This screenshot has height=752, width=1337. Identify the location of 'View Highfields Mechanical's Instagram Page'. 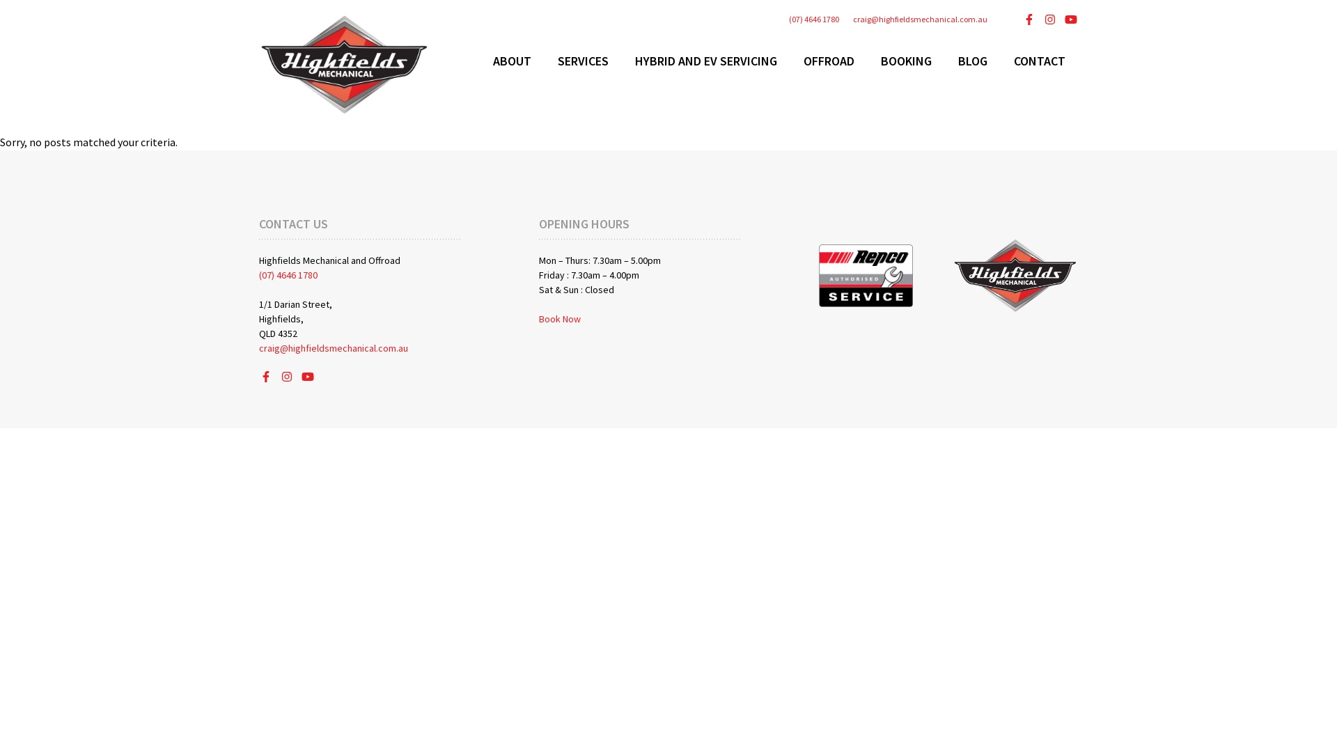
(1049, 19).